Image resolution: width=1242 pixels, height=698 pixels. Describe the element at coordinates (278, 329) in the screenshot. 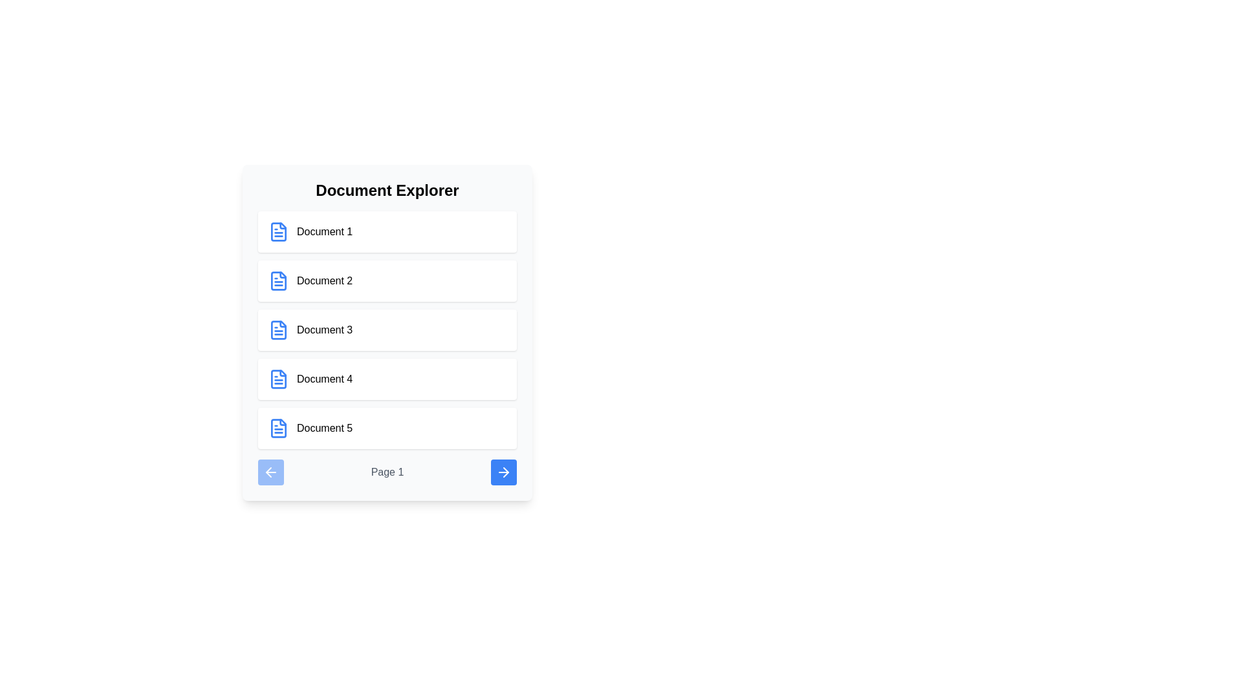

I see `the document icon that represents 'Document 3'` at that location.